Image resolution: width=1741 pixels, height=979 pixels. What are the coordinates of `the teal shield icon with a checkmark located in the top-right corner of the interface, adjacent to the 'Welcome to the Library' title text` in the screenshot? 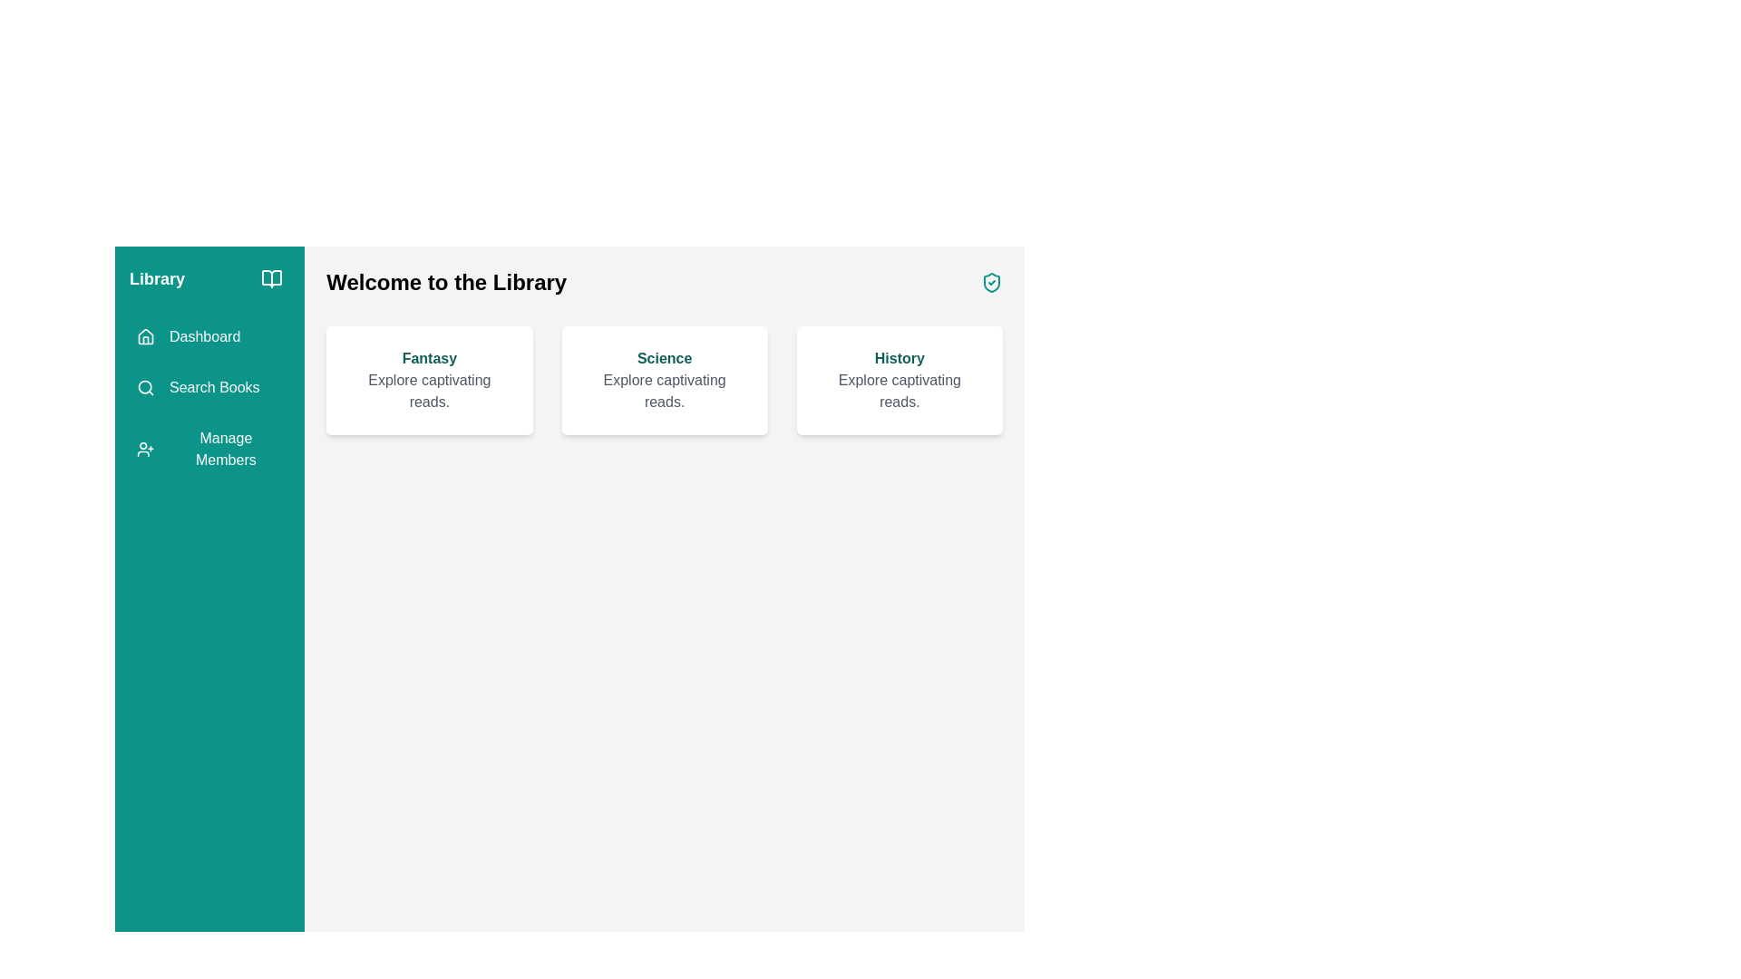 It's located at (991, 283).